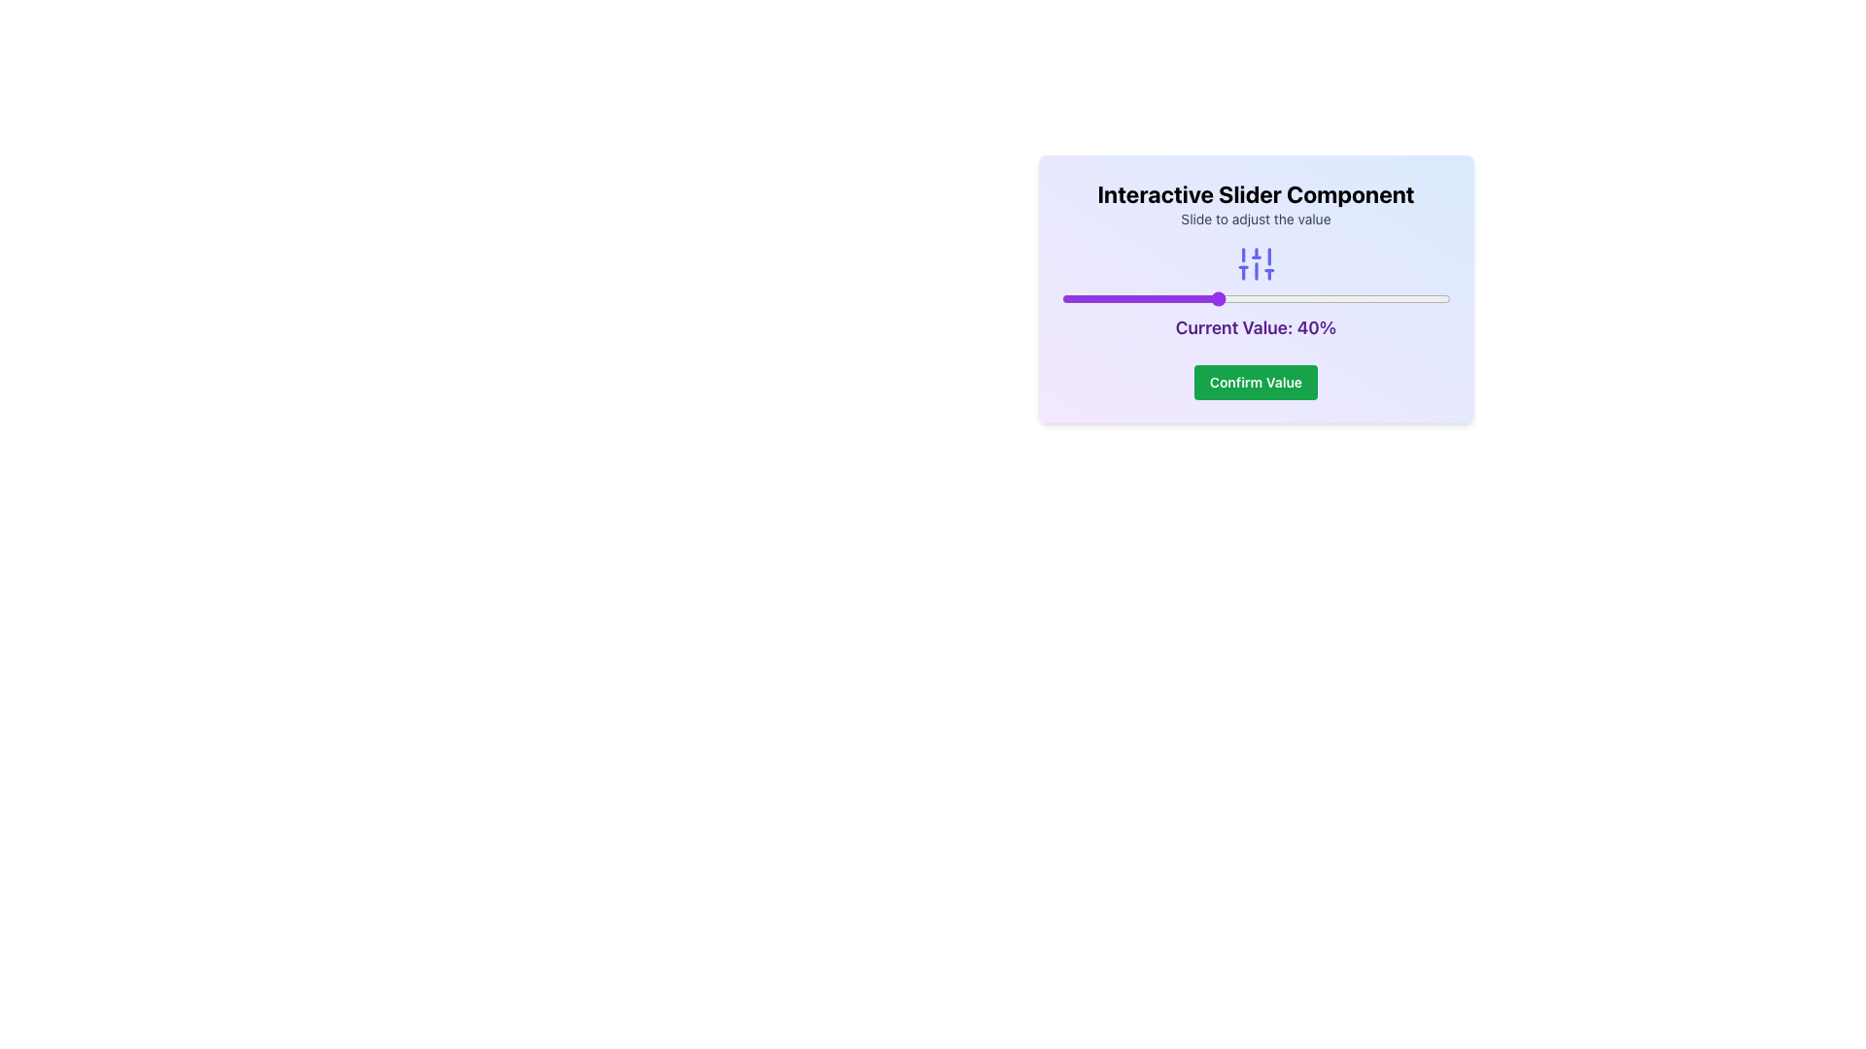 The image size is (1866, 1049). Describe the element at coordinates (1092, 299) in the screenshot. I see `the slider` at that location.